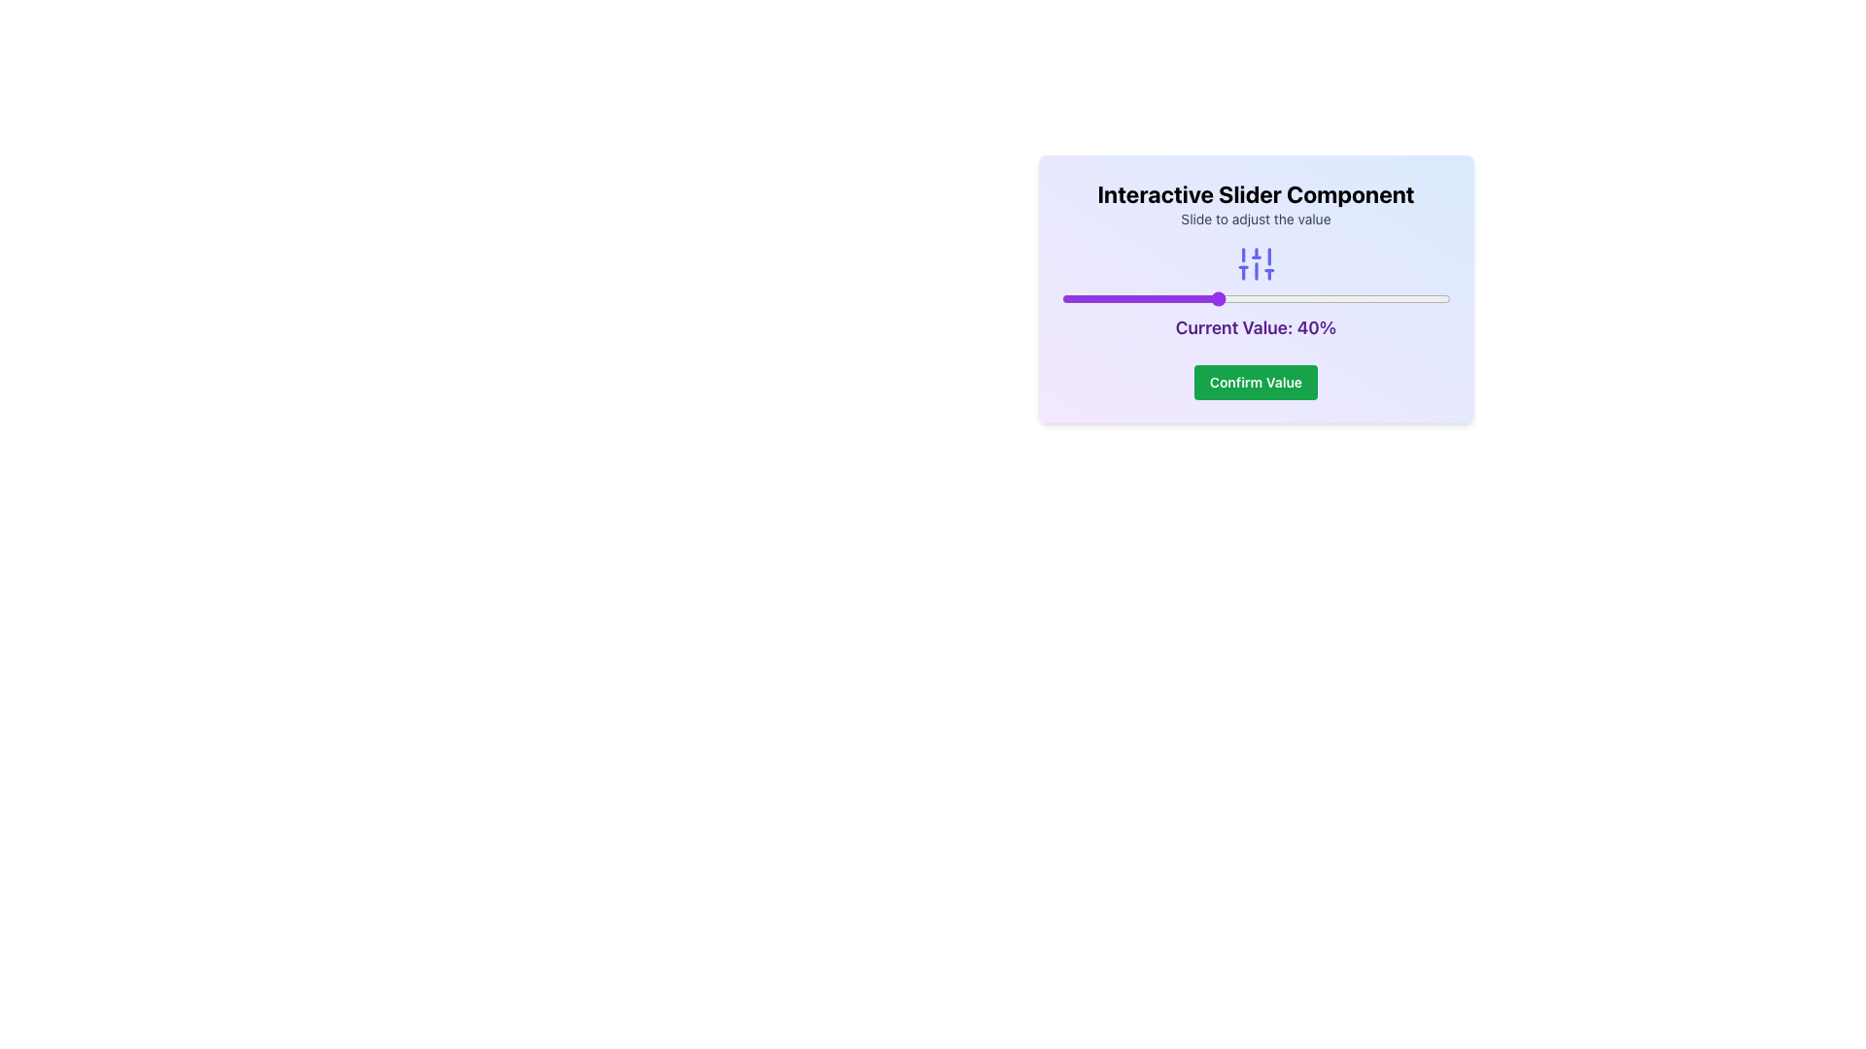 The image size is (1866, 1049). Describe the element at coordinates (1092, 299) in the screenshot. I see `the slider` at that location.